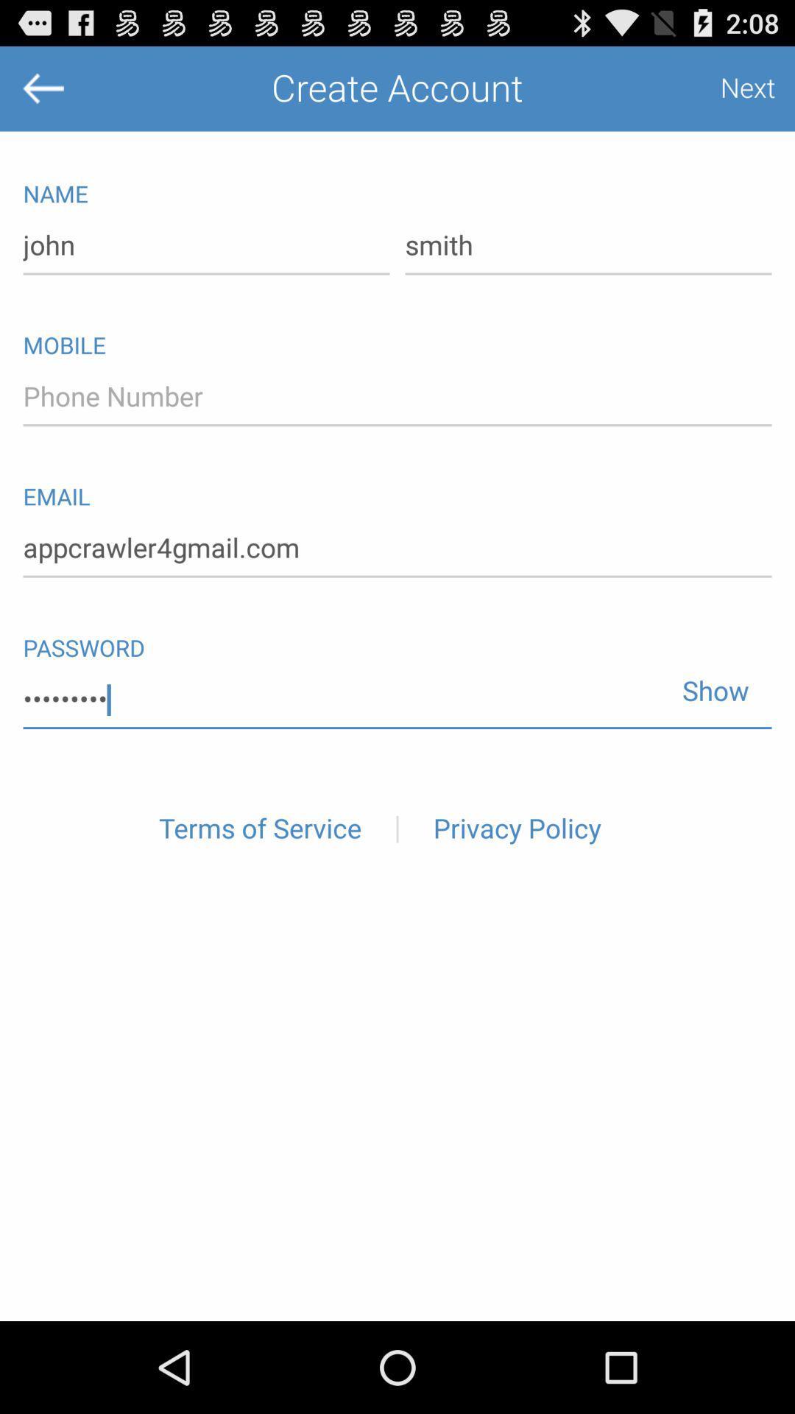 This screenshot has height=1414, width=795. Describe the element at coordinates (259, 829) in the screenshot. I see `the item below the crowd3116 item` at that location.